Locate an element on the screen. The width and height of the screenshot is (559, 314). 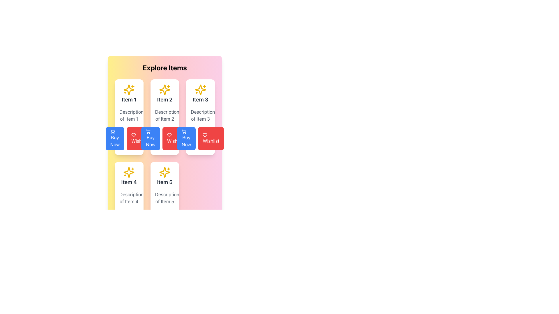
the heart icon representing the 'Wishlist' button located in the card for 'Item 3' is located at coordinates (169, 135).